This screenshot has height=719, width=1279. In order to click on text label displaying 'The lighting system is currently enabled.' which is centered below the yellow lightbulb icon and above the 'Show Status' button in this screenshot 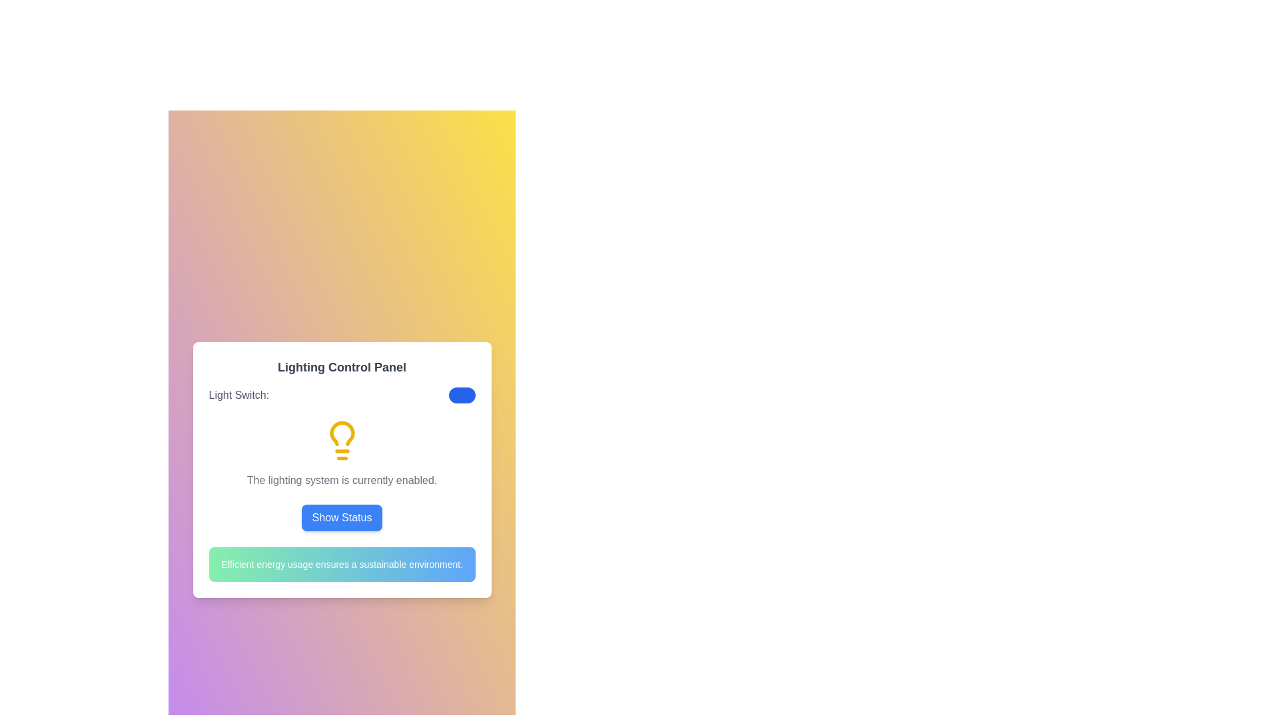, I will do `click(342, 480)`.